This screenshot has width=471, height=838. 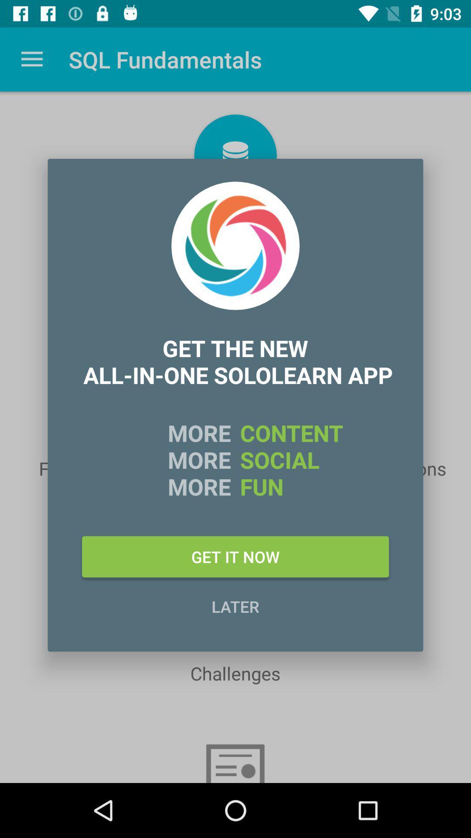 I want to click on the get it now item, so click(x=235, y=556).